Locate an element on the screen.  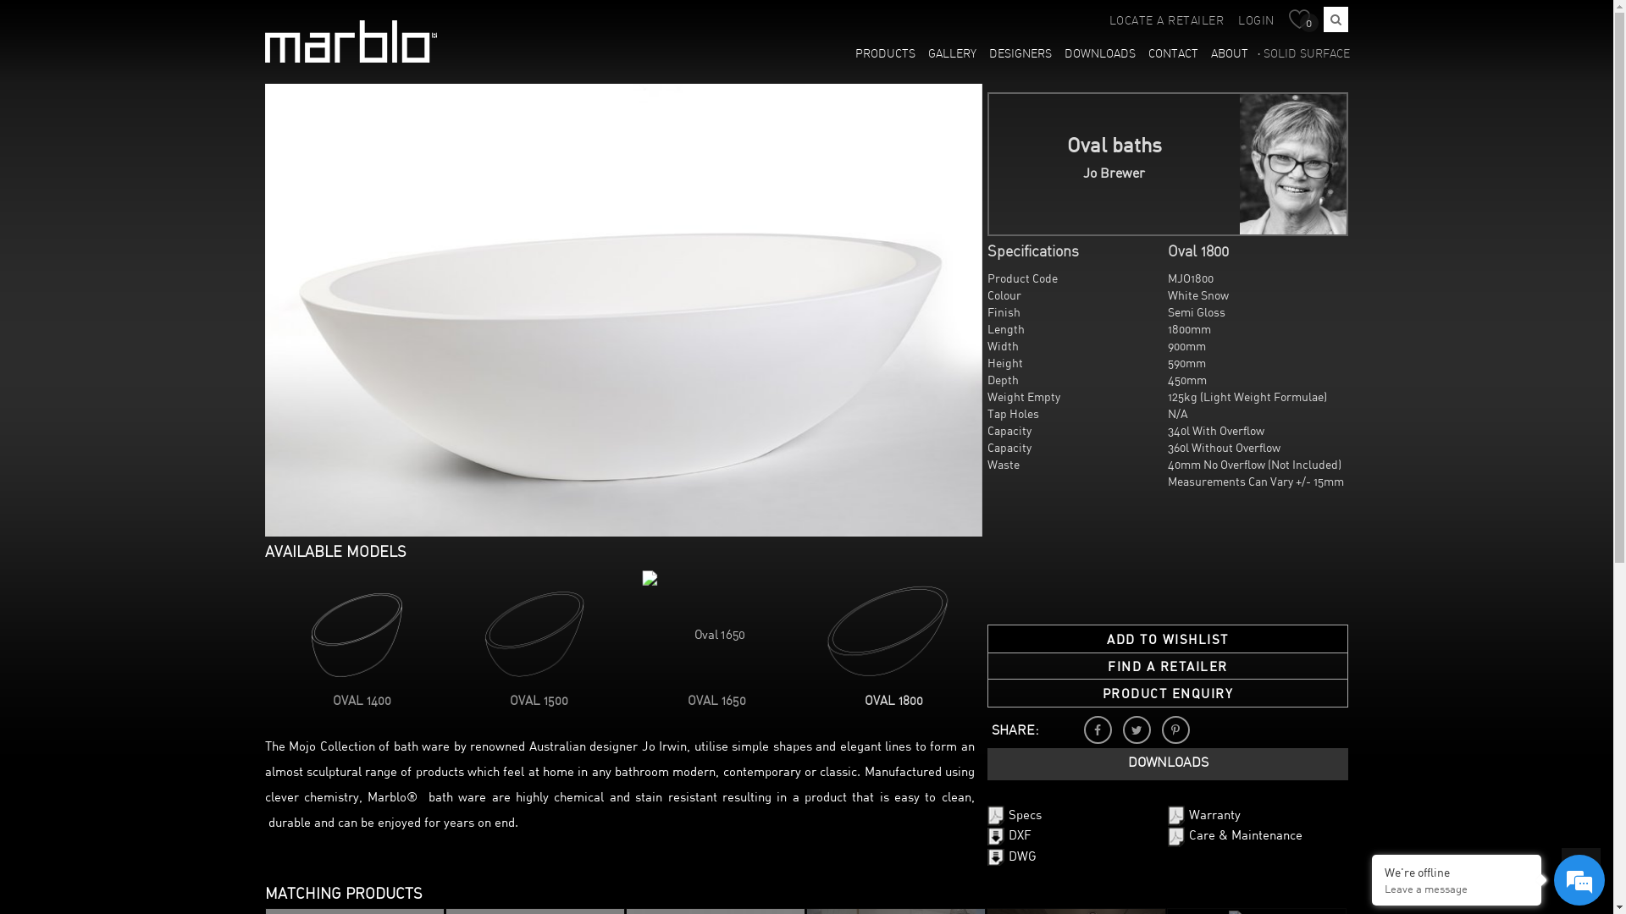
'LOGIN' is located at coordinates (1256, 21).